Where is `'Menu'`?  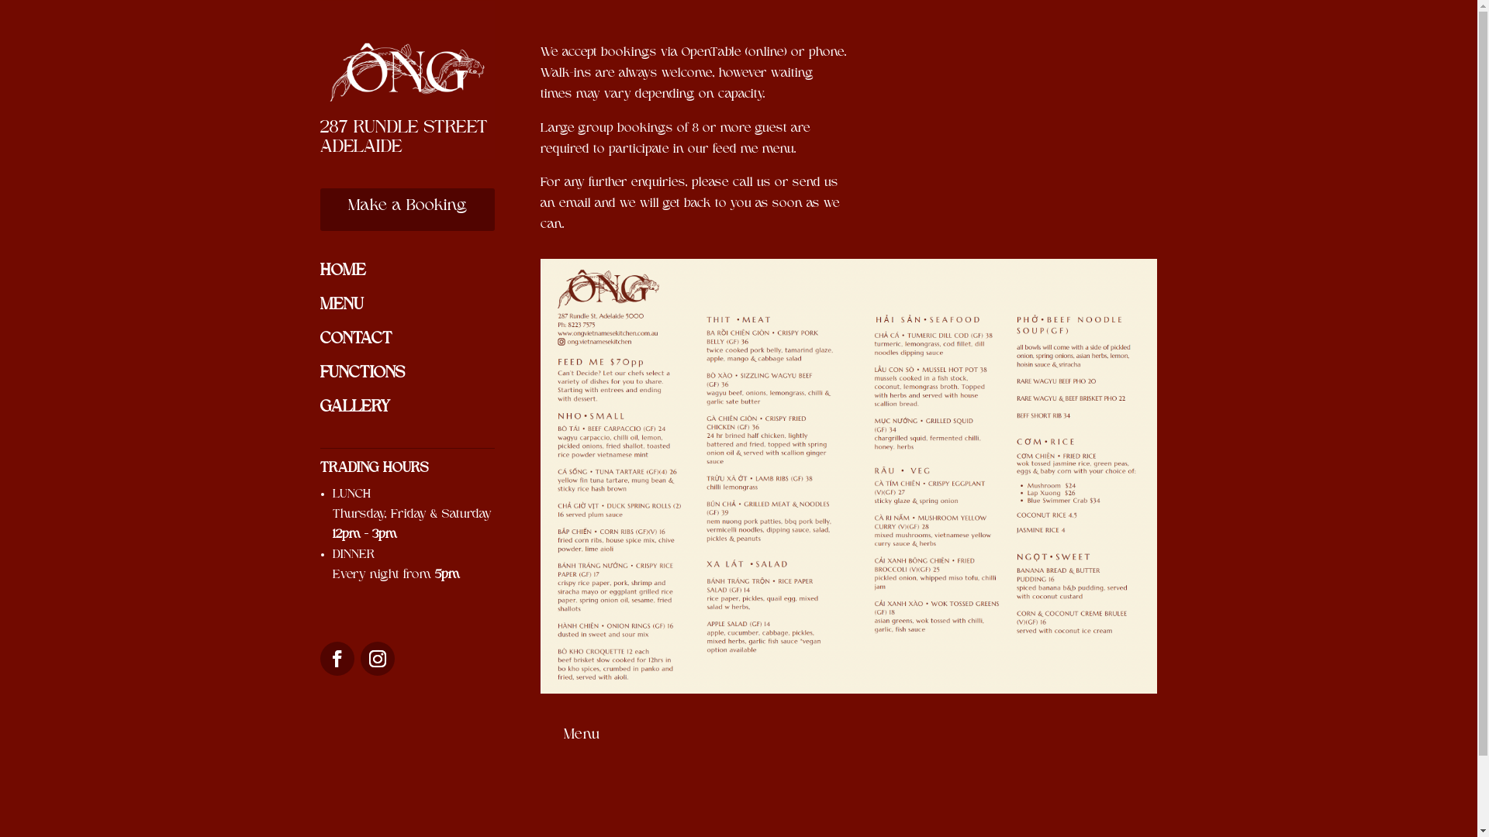 'Menu' is located at coordinates (580, 734).